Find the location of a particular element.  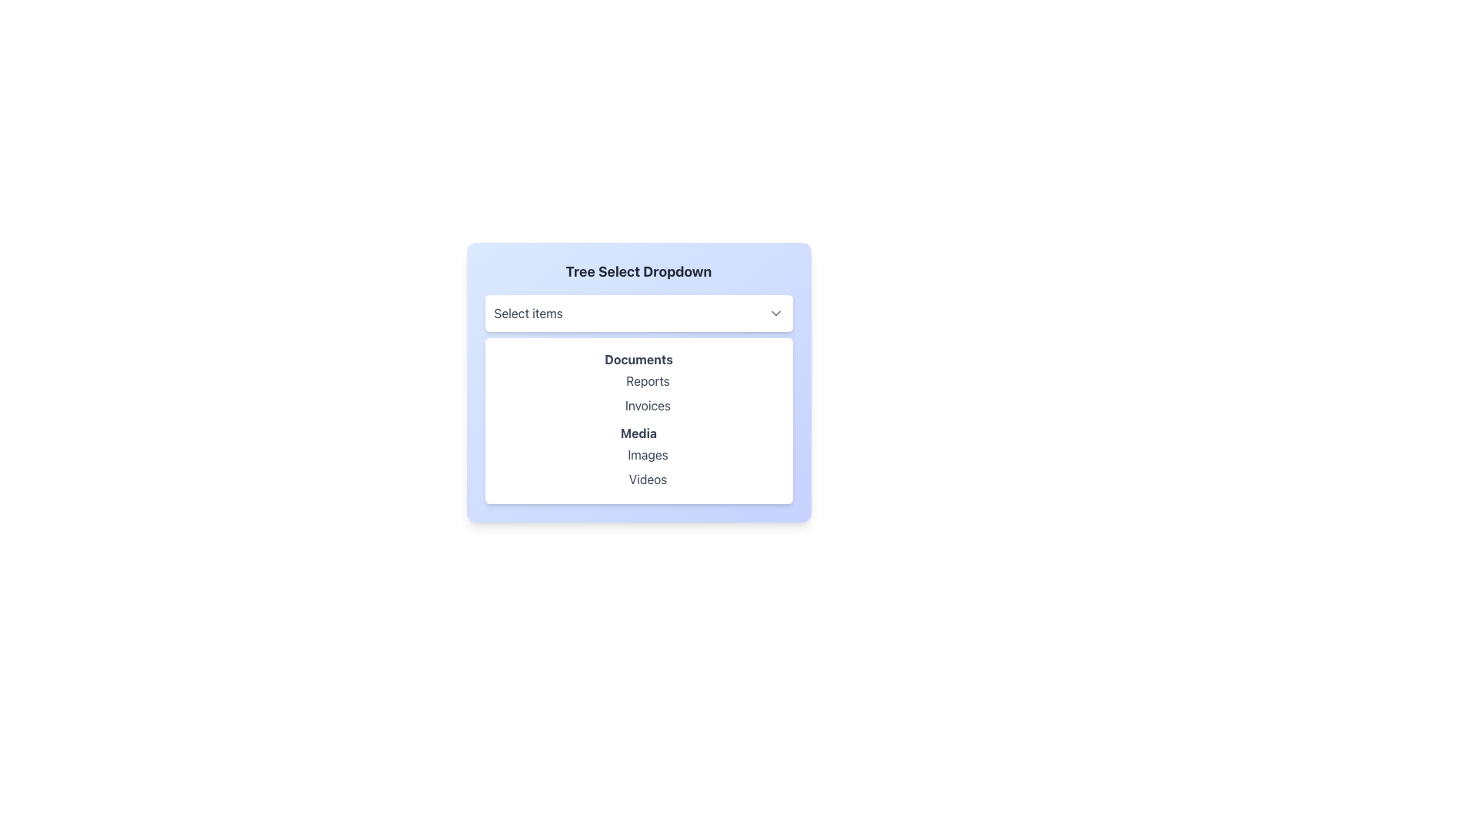

the 'Images' text label located in the dropdown menu under the 'Media' category, which is the first option in that section is located at coordinates (645, 453).